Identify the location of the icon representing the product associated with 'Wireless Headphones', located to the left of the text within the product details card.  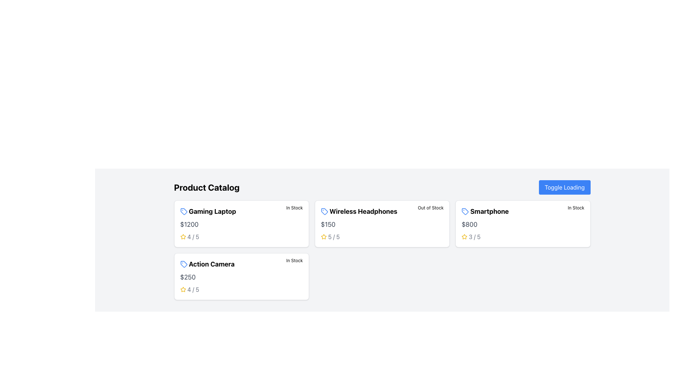
(324, 211).